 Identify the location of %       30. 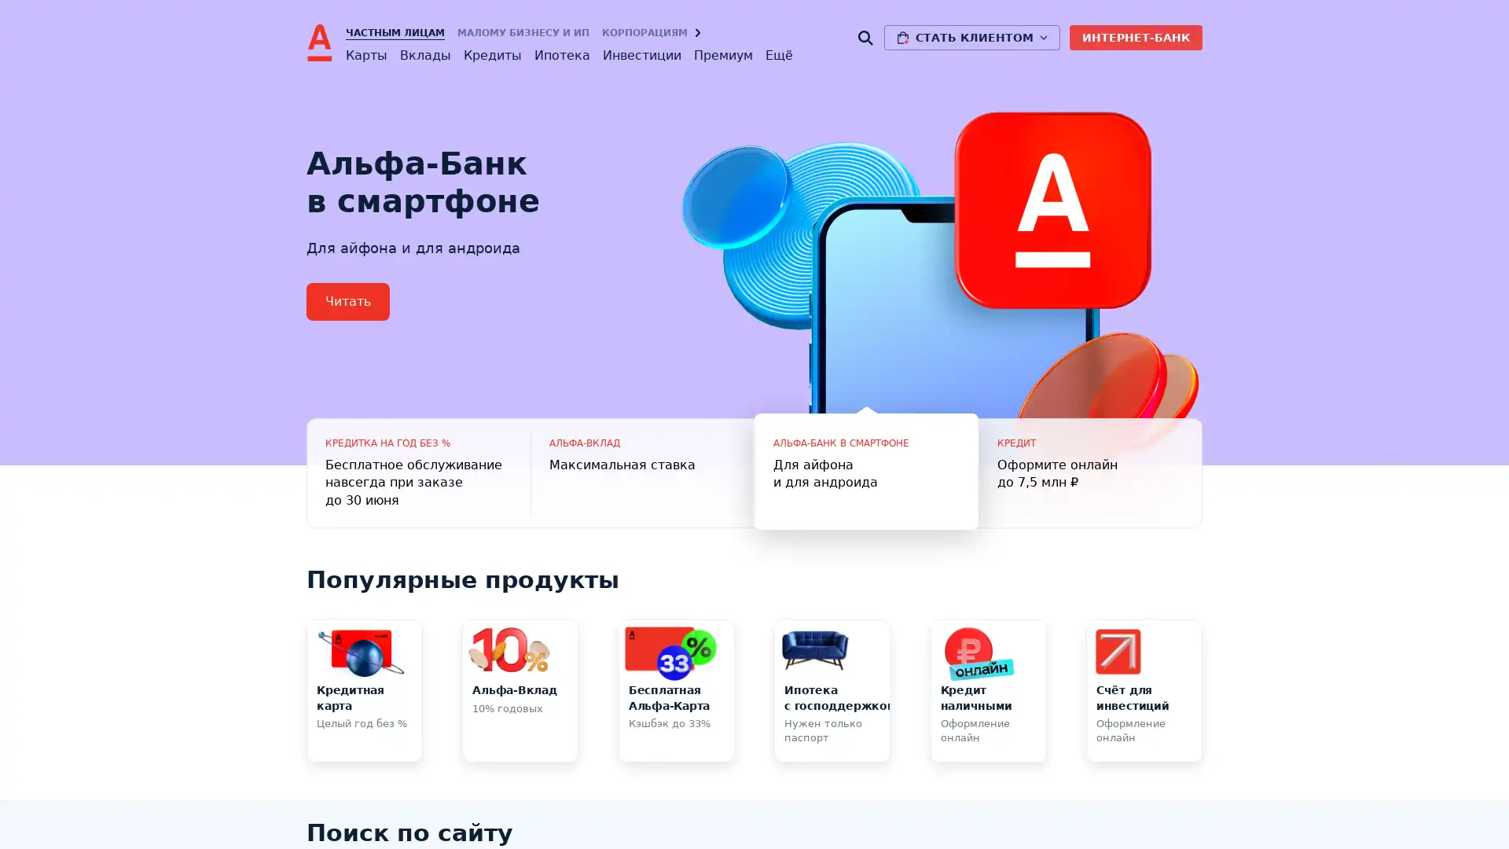
(418, 472).